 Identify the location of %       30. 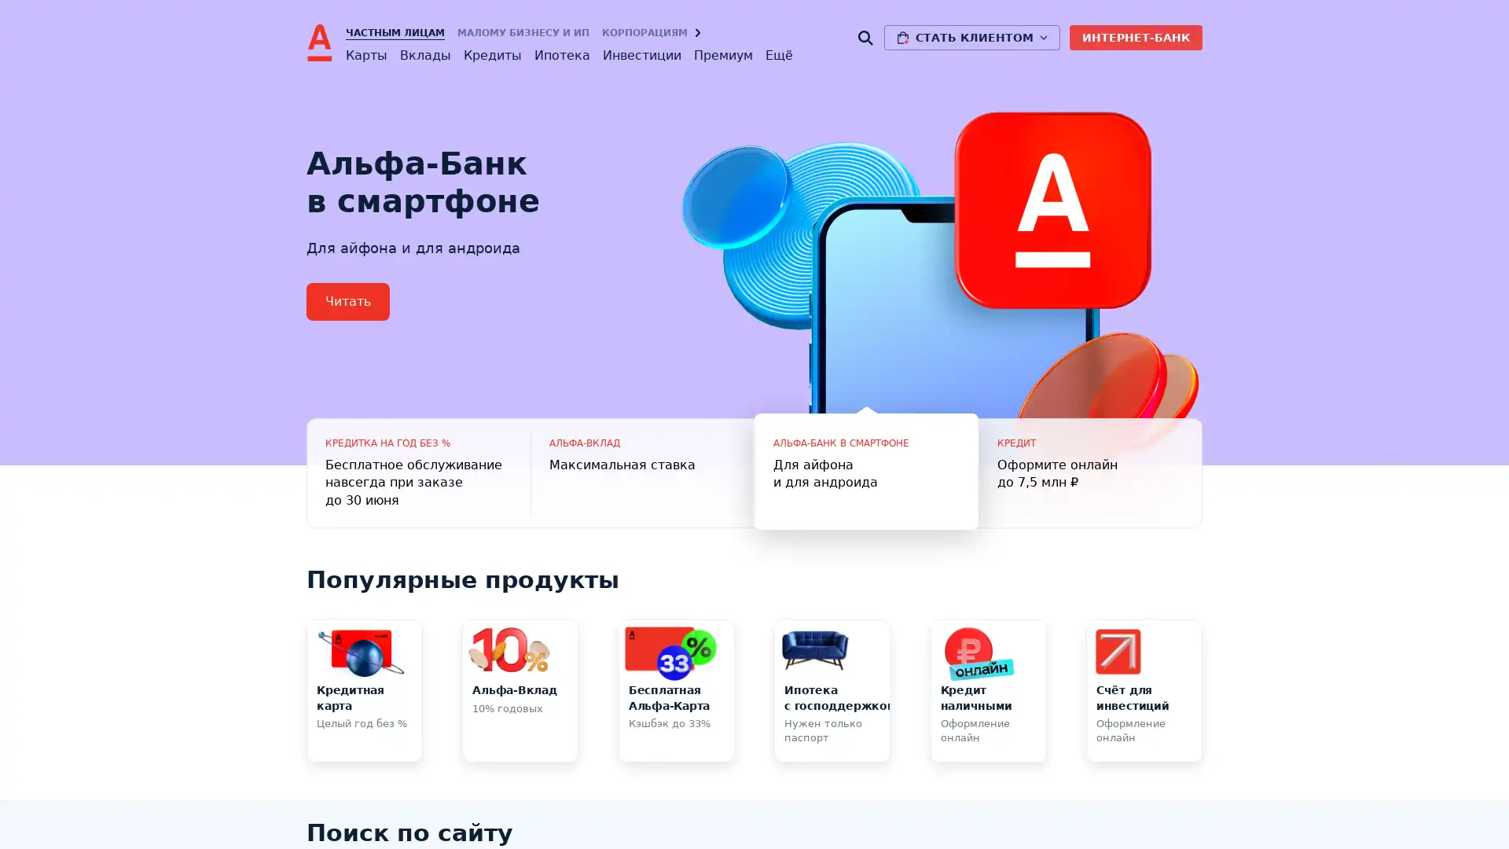
(418, 472).